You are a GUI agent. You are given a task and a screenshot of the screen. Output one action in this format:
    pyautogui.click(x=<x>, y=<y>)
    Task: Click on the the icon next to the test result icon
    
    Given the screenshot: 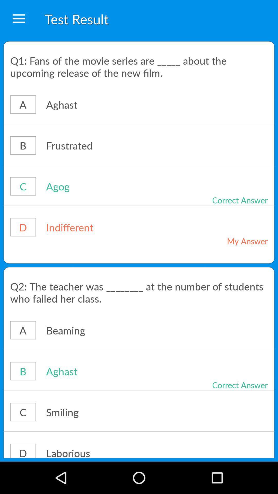 What is the action you would take?
    pyautogui.click(x=19, y=19)
    